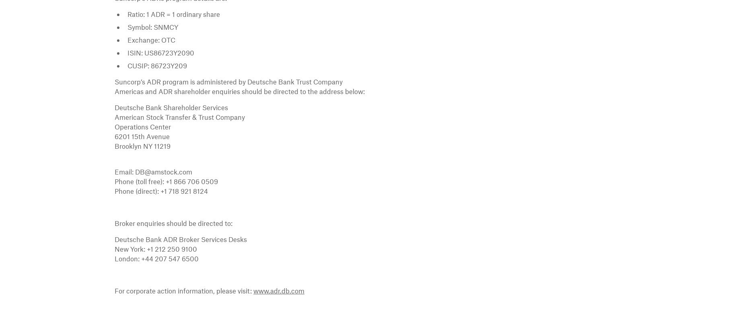 Image resolution: width=744 pixels, height=318 pixels. What do you see at coordinates (240, 86) in the screenshot?
I see `'Suncorp’s ADR program is administered by Deutsche Bank Trust Company Americas and ADR shareholder enquiries should be directed to the address below:'` at bounding box center [240, 86].